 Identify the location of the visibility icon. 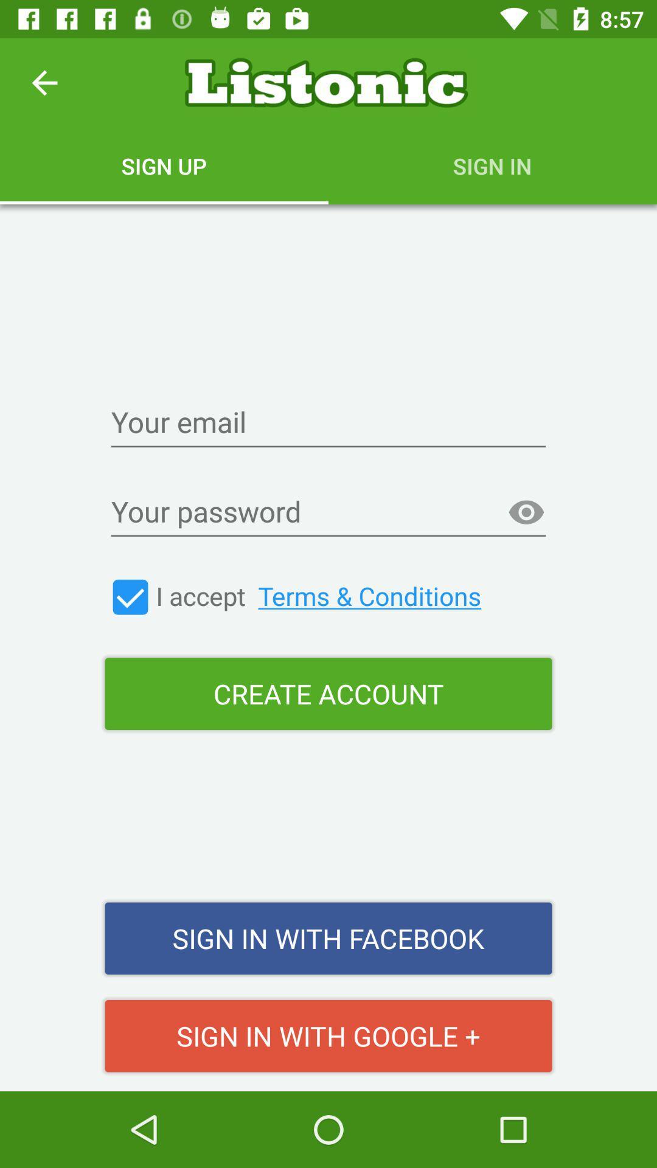
(526, 513).